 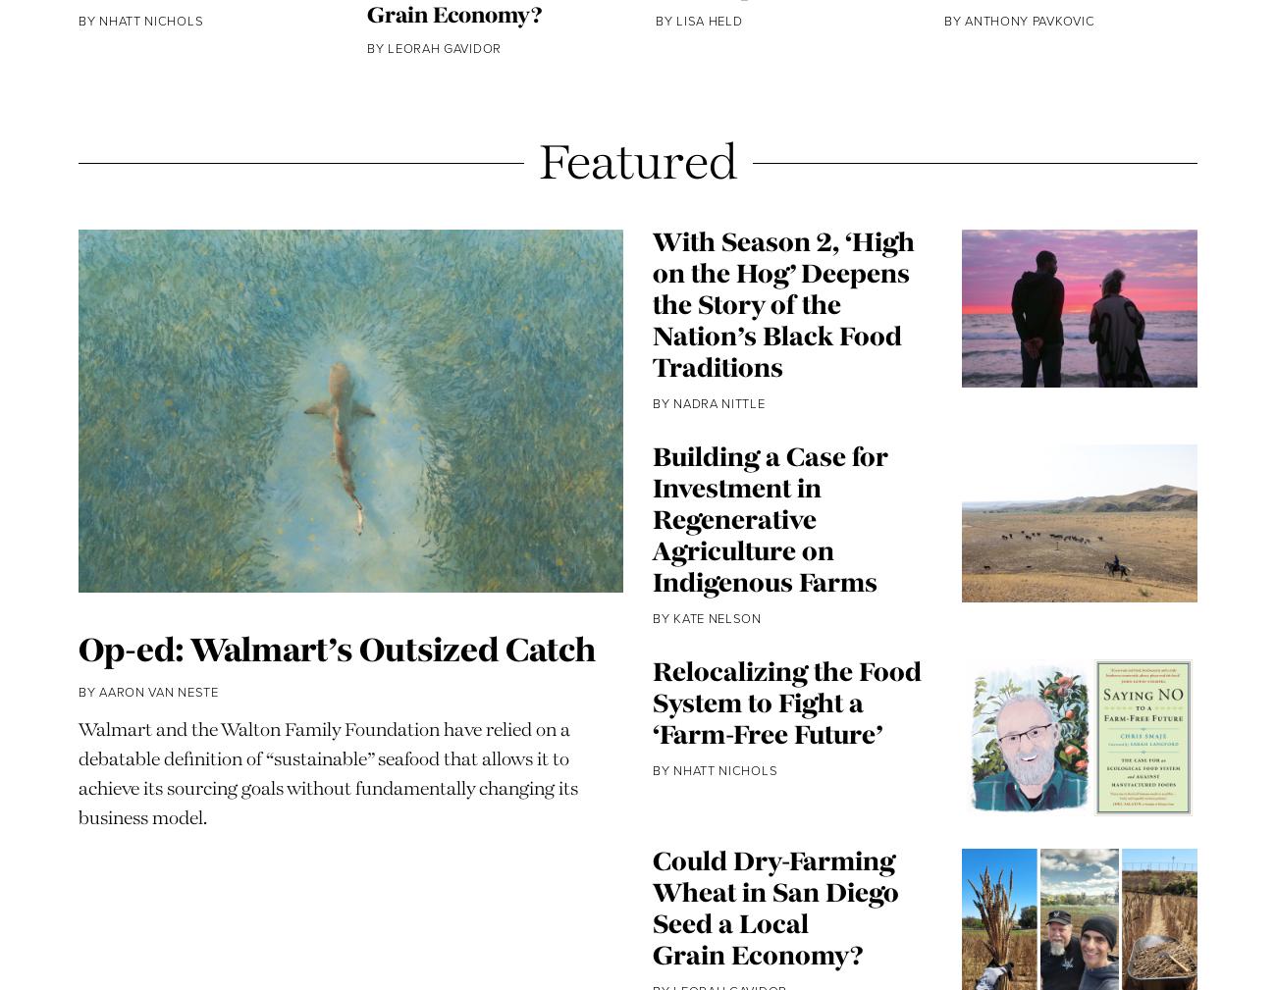 What do you see at coordinates (964, 78) in the screenshot?
I see `'Anthony Pavkovic'` at bounding box center [964, 78].